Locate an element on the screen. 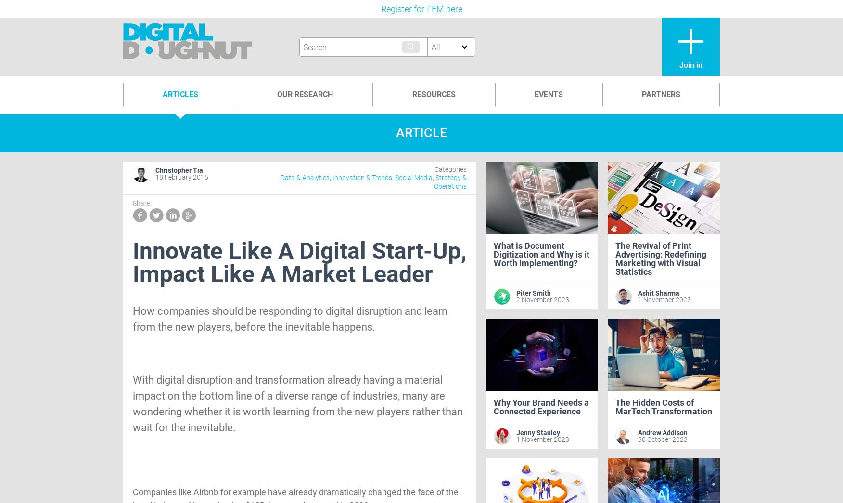  '18 February 2015' is located at coordinates (155, 177).